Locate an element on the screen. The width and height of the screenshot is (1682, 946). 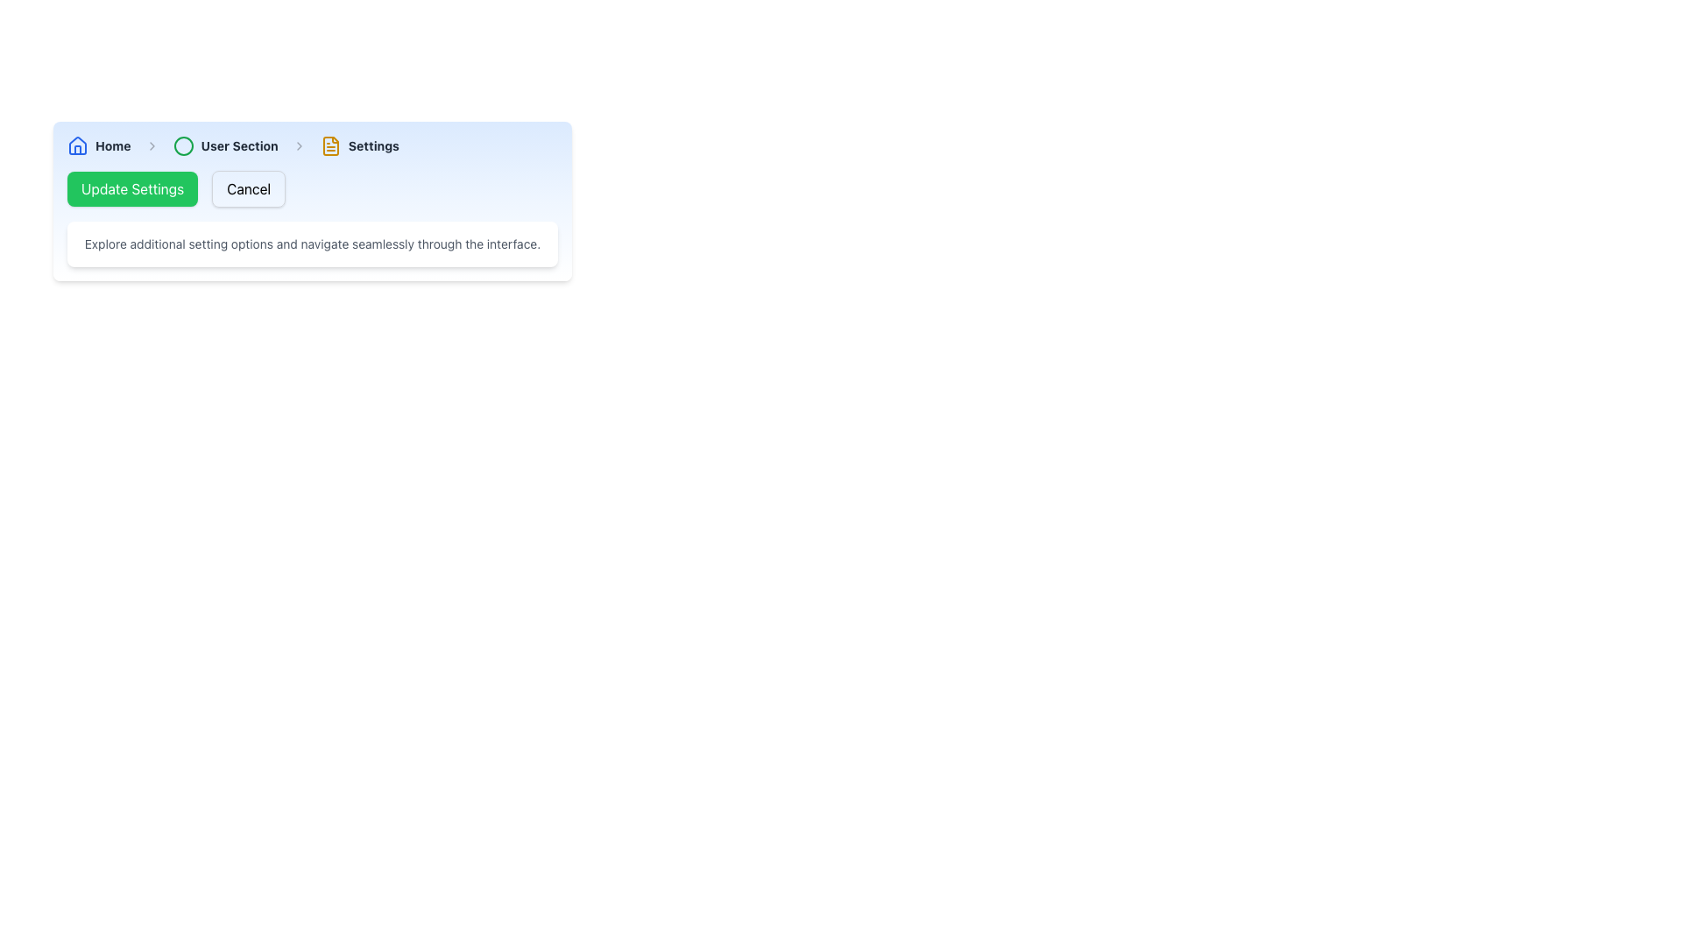
the third breadcrumb navigation item labeled 'Settings' to indicate the current position in the website's hierarchy is located at coordinates (358, 145).